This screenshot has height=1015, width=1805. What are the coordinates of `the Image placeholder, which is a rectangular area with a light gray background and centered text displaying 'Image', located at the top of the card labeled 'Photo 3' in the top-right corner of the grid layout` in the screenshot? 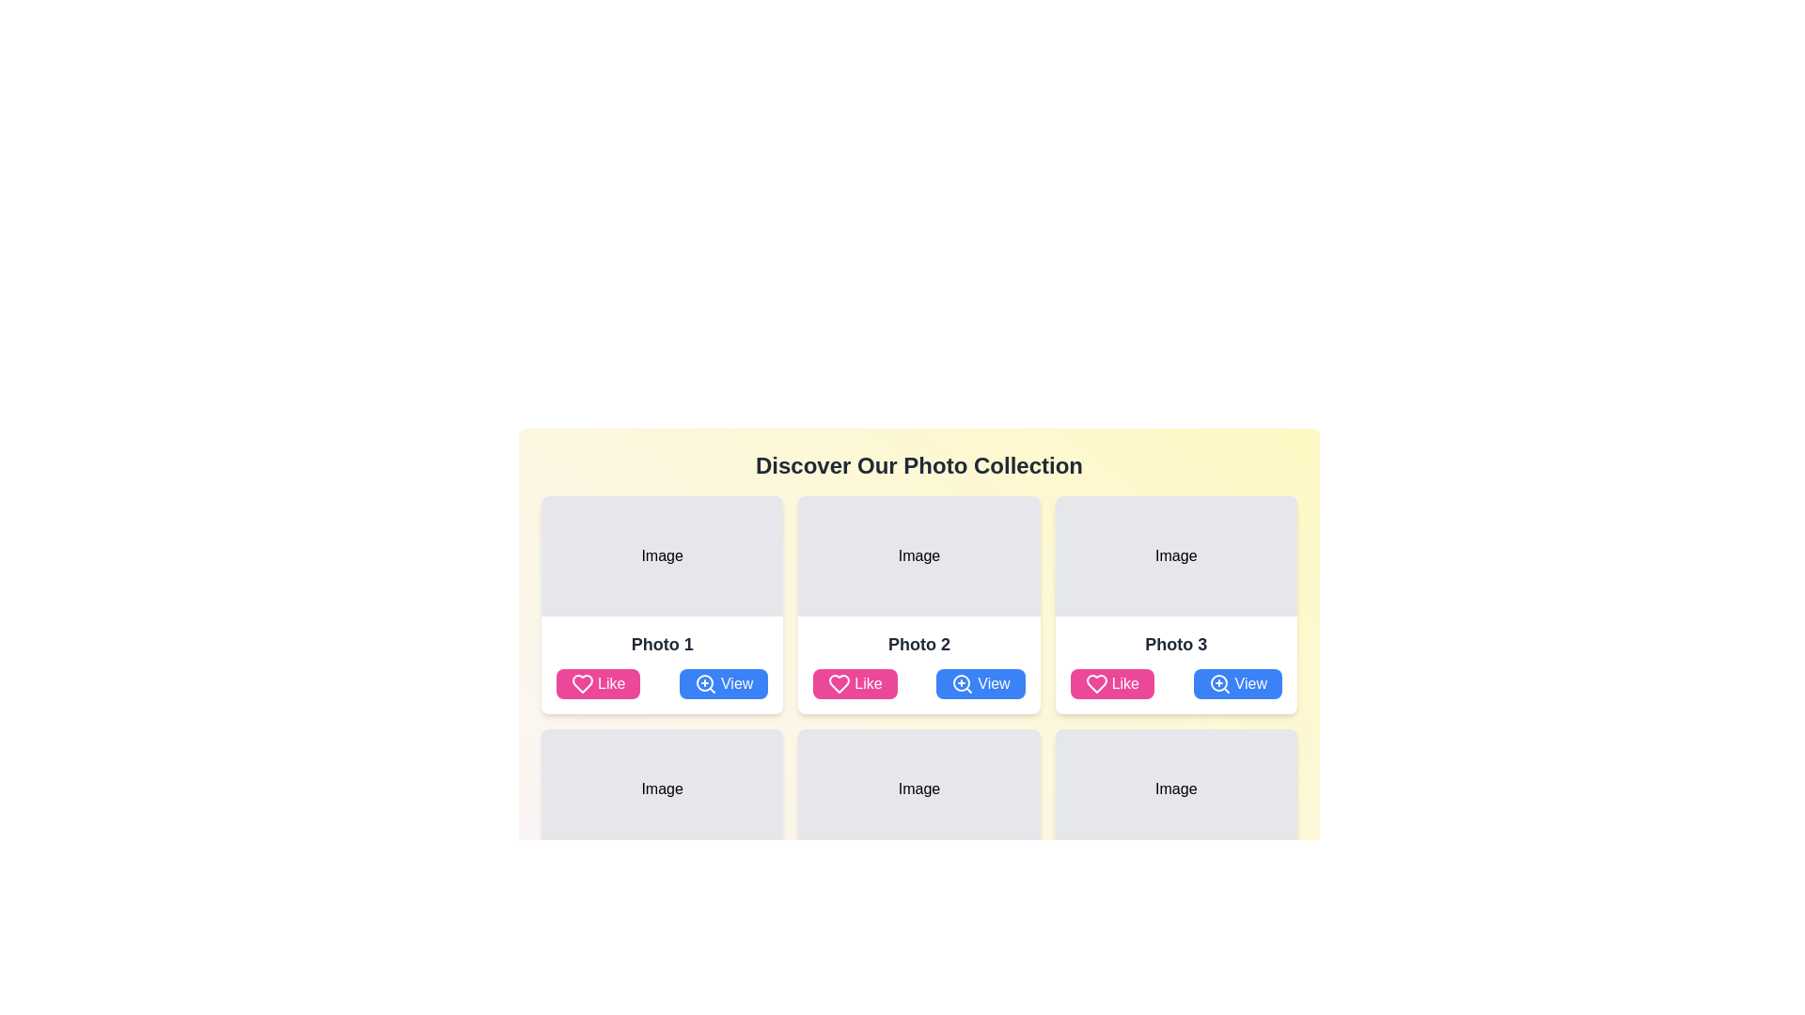 It's located at (1175, 554).